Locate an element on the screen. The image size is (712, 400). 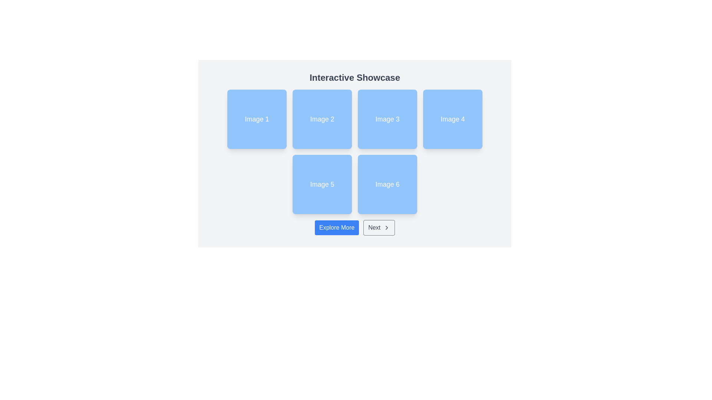
the light blue square static display card labeled 'Image 1' with rounded corners, located in the top-left corner of the grid layout is located at coordinates (257, 119).